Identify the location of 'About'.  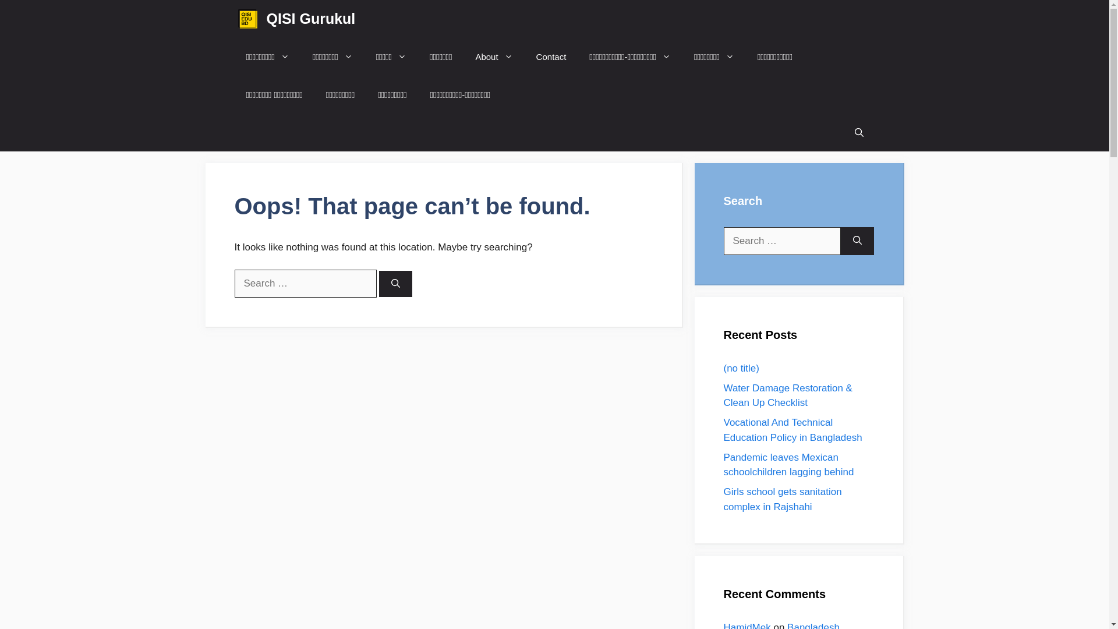
(494, 56).